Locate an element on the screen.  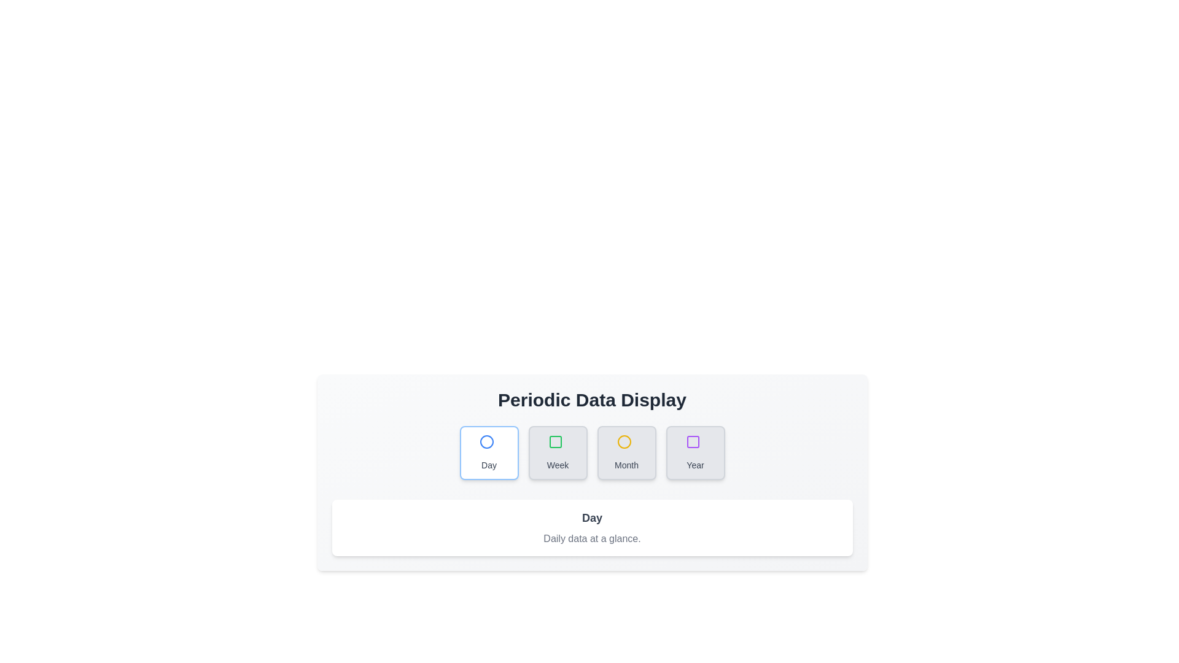
the 'Month' text label inside the button, which is part of a horizontal group of buttons including 'Day', 'Week', and 'Year' is located at coordinates (626, 465).